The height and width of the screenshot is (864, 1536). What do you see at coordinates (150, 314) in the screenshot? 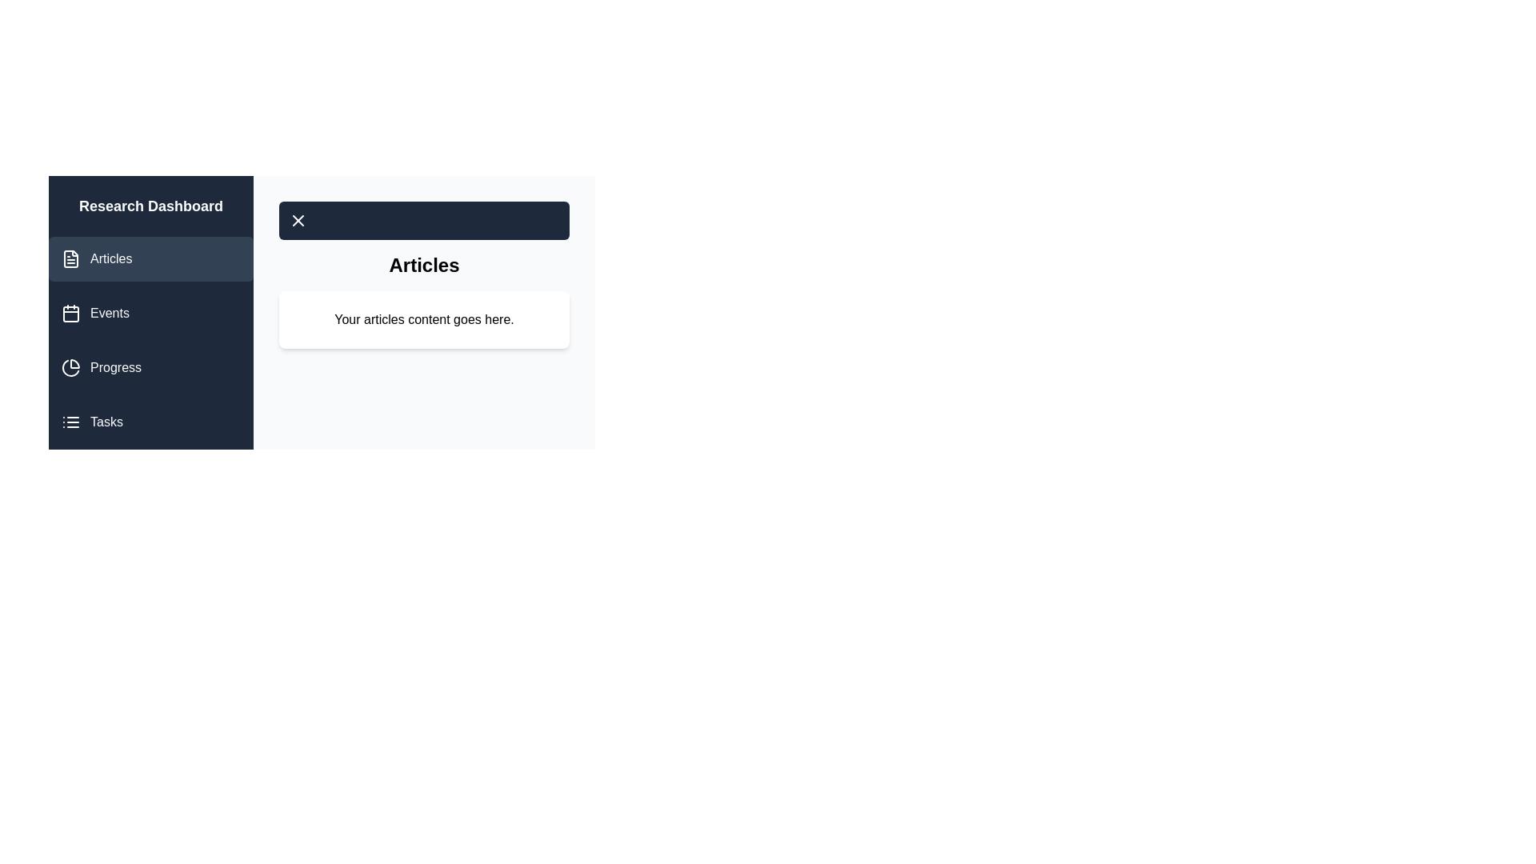
I see `the Events section in the sidebar to navigate` at bounding box center [150, 314].